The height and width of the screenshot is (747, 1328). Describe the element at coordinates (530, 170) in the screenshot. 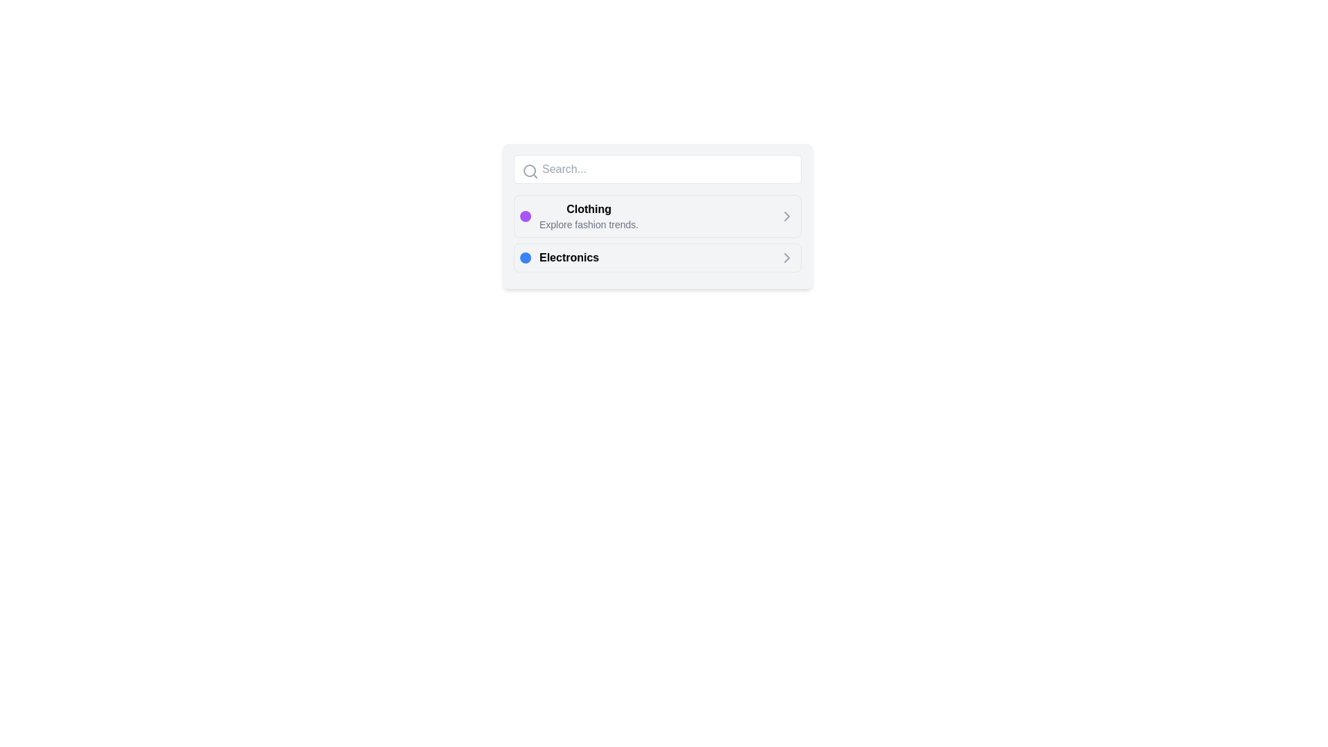

I see `the search icon located at the top-left of the search bar, which symbolizes the search functionality adjacent to the 'Search...' text field` at that location.